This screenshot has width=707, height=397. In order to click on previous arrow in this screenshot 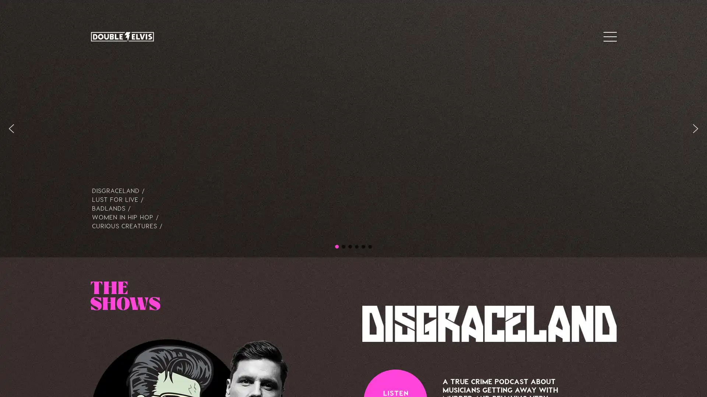, I will do `click(11, 128)`.